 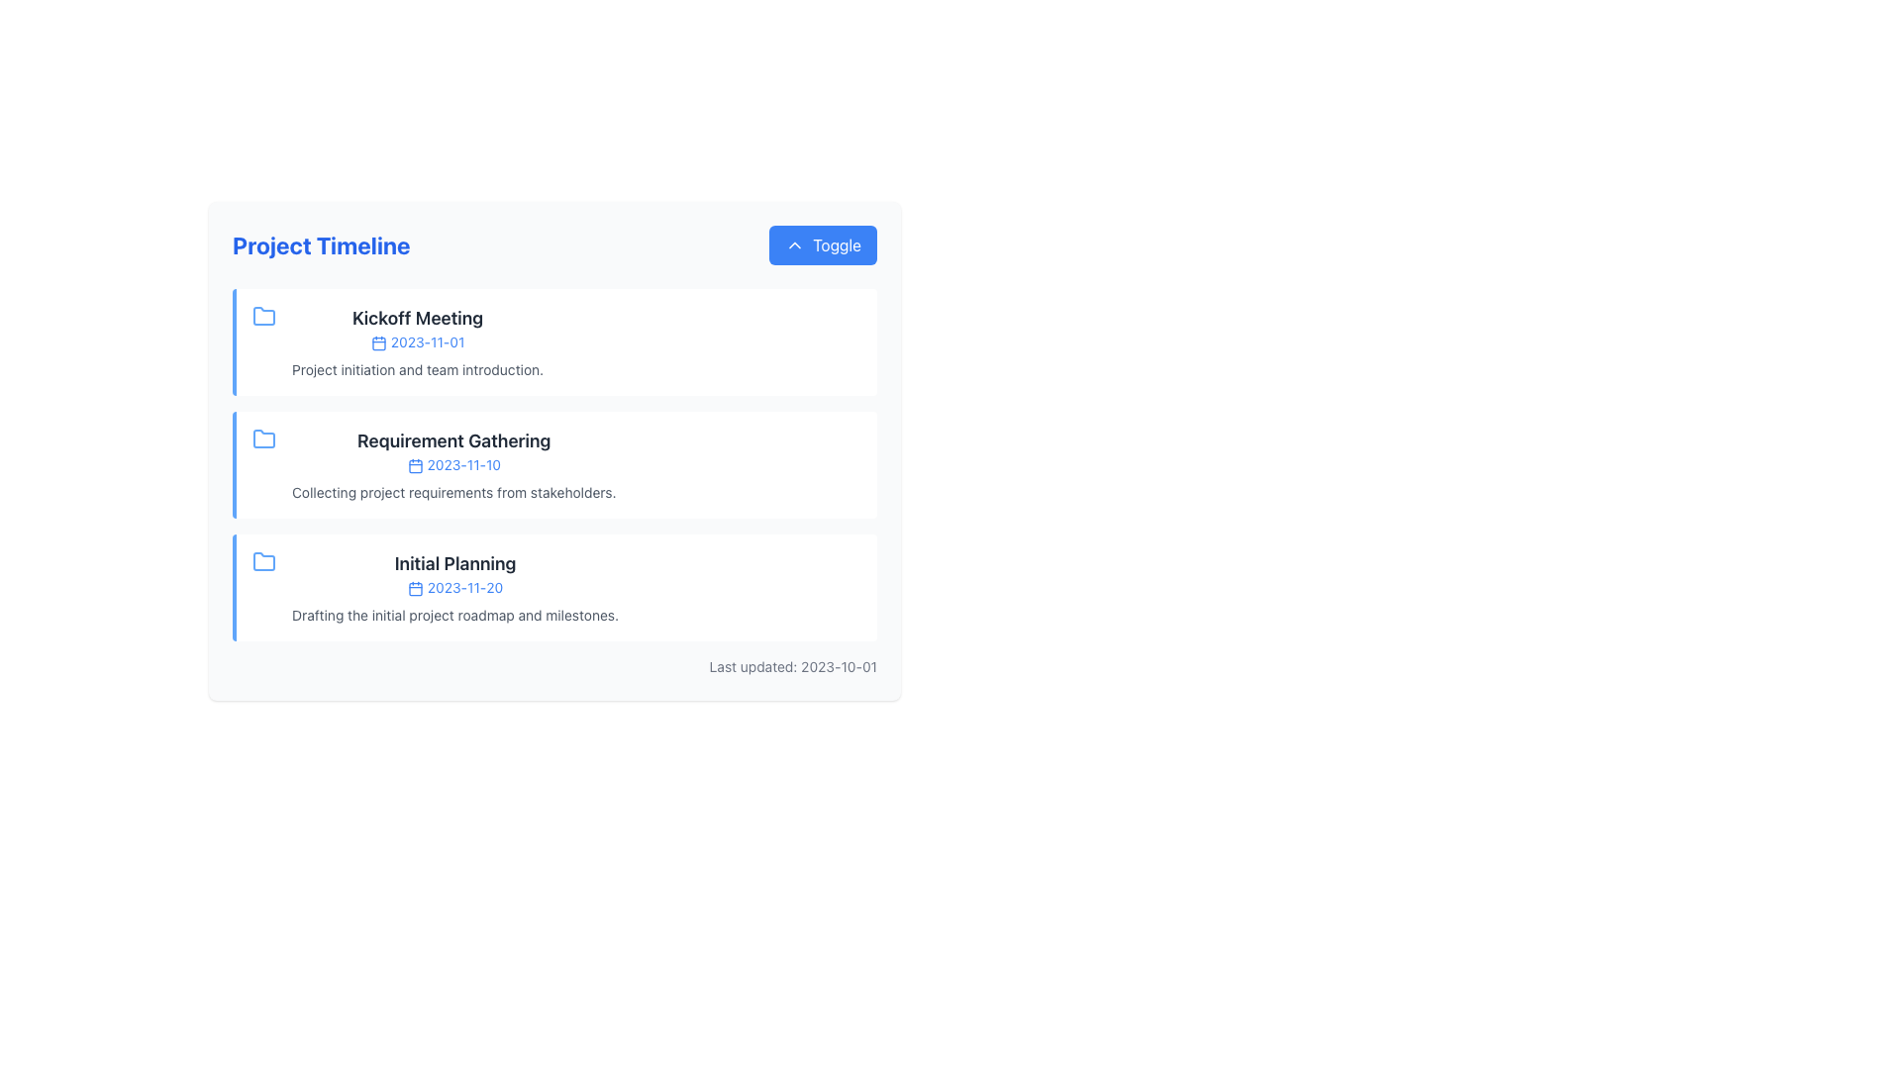 What do you see at coordinates (454, 587) in the screenshot?
I see `date indicated by the Date Label with Icon in the 'Initial Planning' section of the 'Project Timeline' interface for reference` at bounding box center [454, 587].